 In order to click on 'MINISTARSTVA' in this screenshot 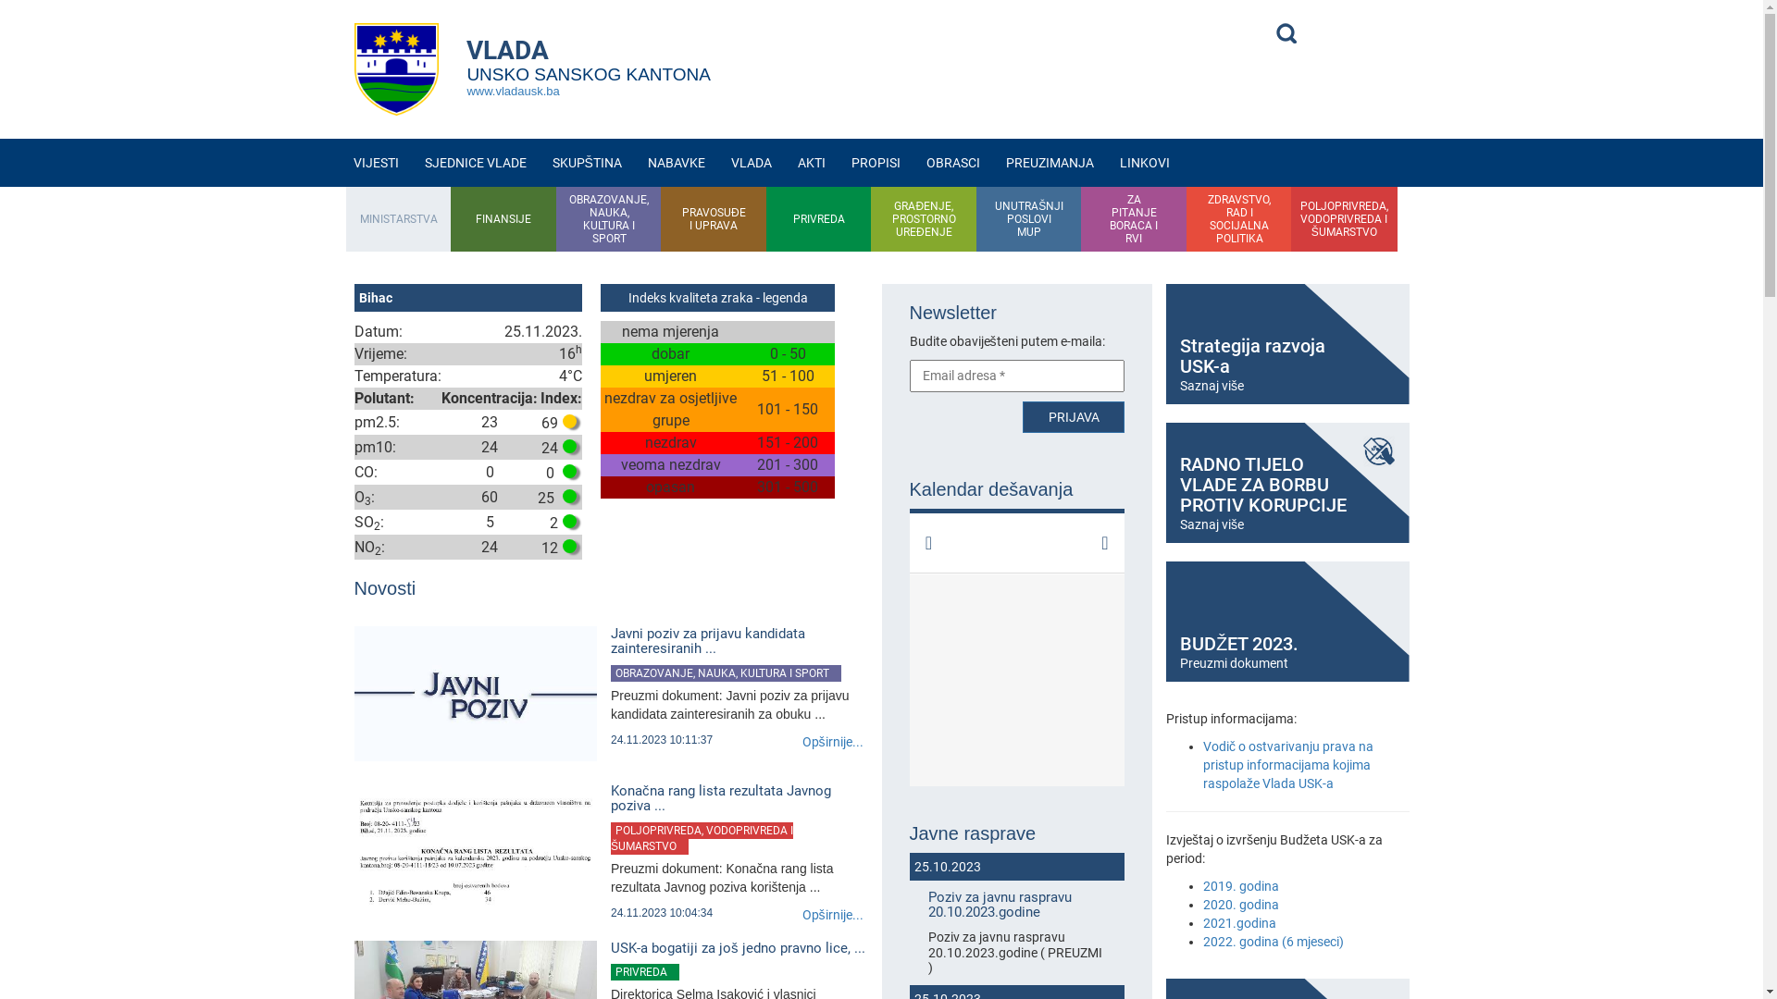, I will do `click(398, 217)`.